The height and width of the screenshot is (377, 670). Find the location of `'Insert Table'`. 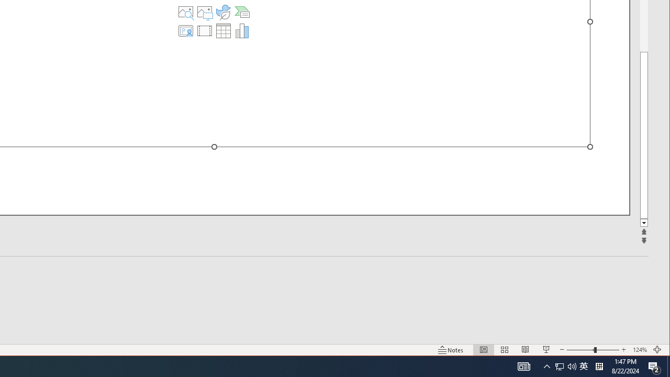

'Insert Table' is located at coordinates (222, 30).